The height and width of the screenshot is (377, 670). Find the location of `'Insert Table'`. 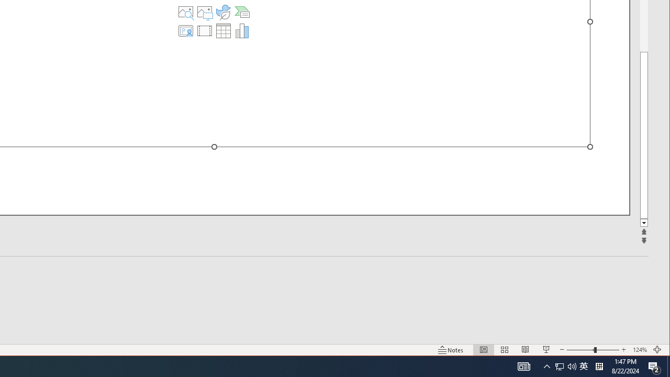

'Insert Table' is located at coordinates (222, 30).